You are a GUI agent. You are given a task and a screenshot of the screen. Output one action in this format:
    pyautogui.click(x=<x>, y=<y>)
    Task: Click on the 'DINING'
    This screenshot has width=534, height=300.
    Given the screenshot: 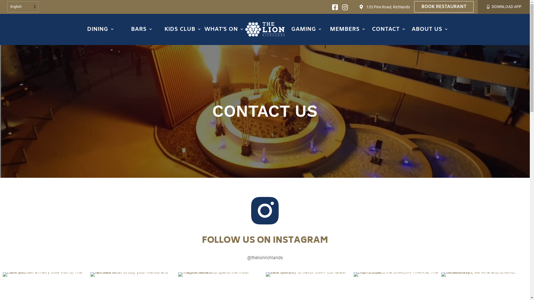 What is the action you would take?
    pyautogui.click(x=100, y=29)
    